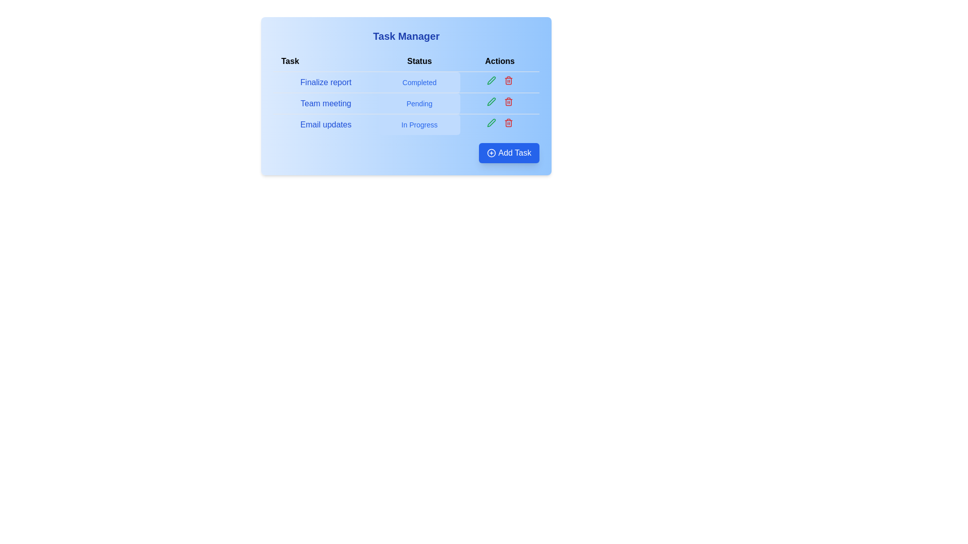 The width and height of the screenshot is (968, 544). Describe the element at coordinates (491, 122) in the screenshot. I see `the edit button for the task titled 'Email updates'` at that location.